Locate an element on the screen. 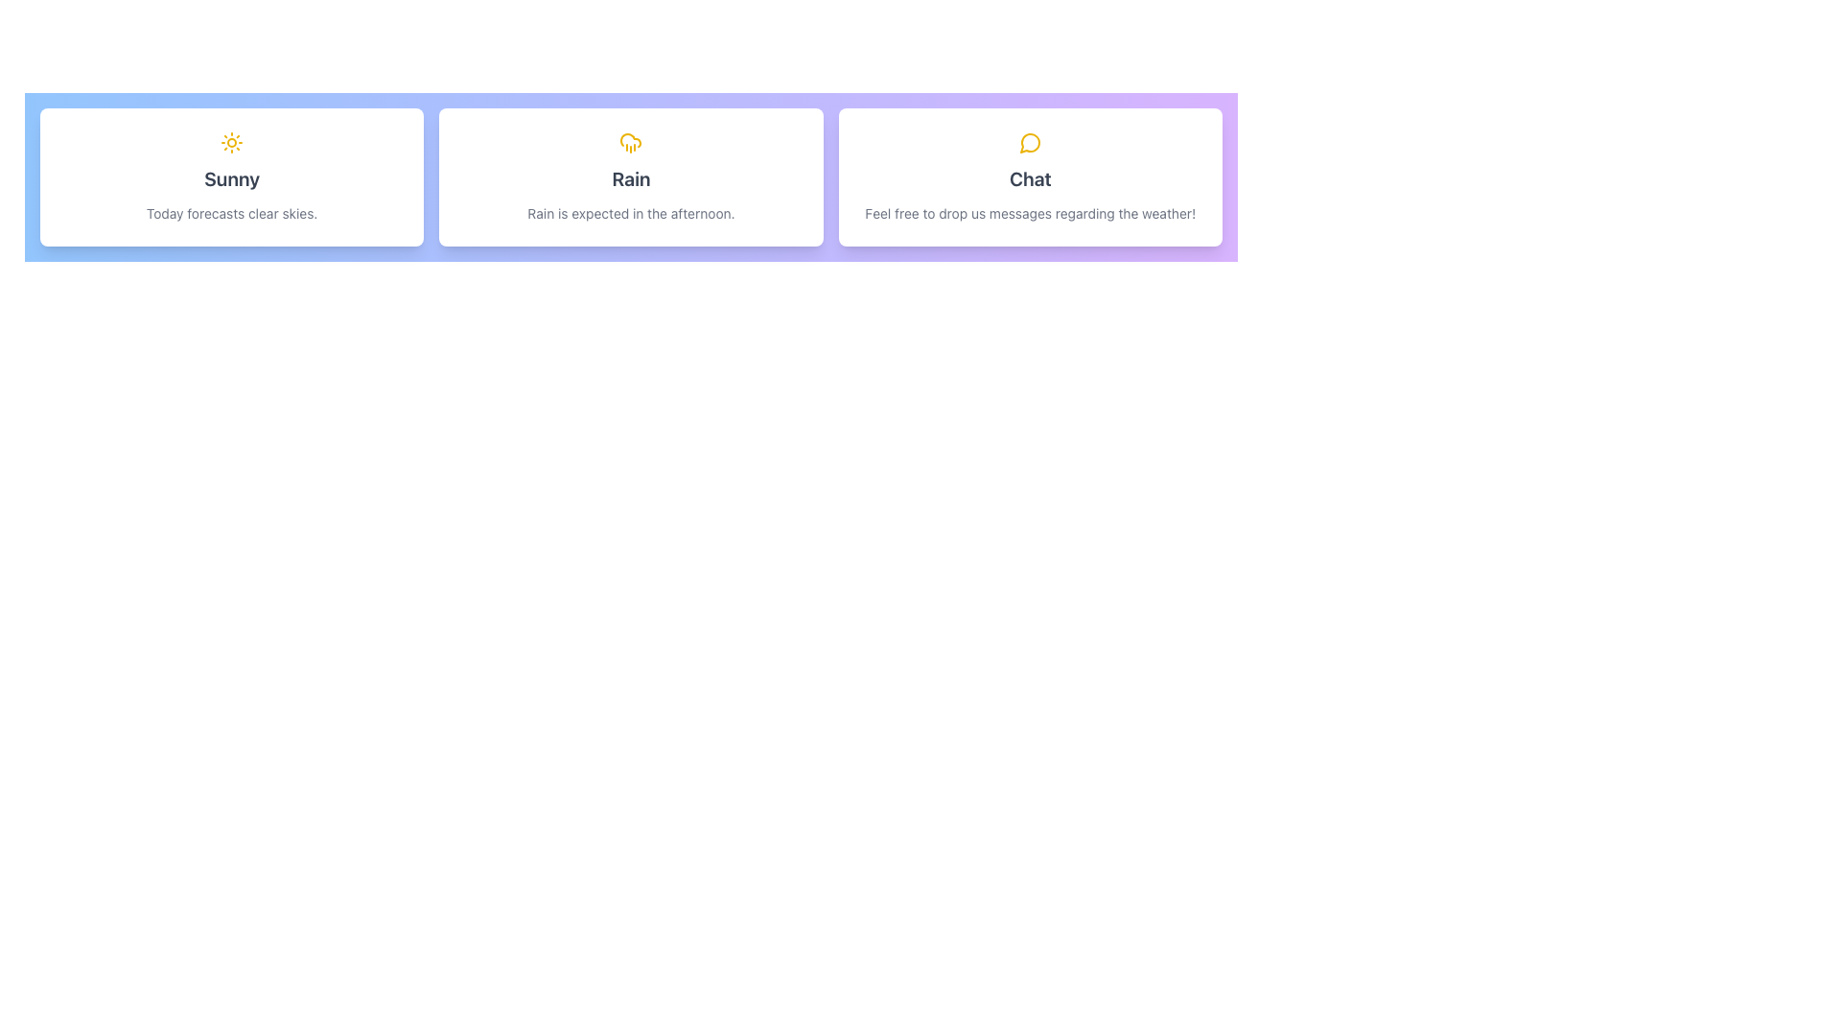 The height and width of the screenshot is (1036, 1841). the sunny weather icon located at the top-center of the 'Sunny' card to possibly get more details about the weather is located at coordinates (231, 142).